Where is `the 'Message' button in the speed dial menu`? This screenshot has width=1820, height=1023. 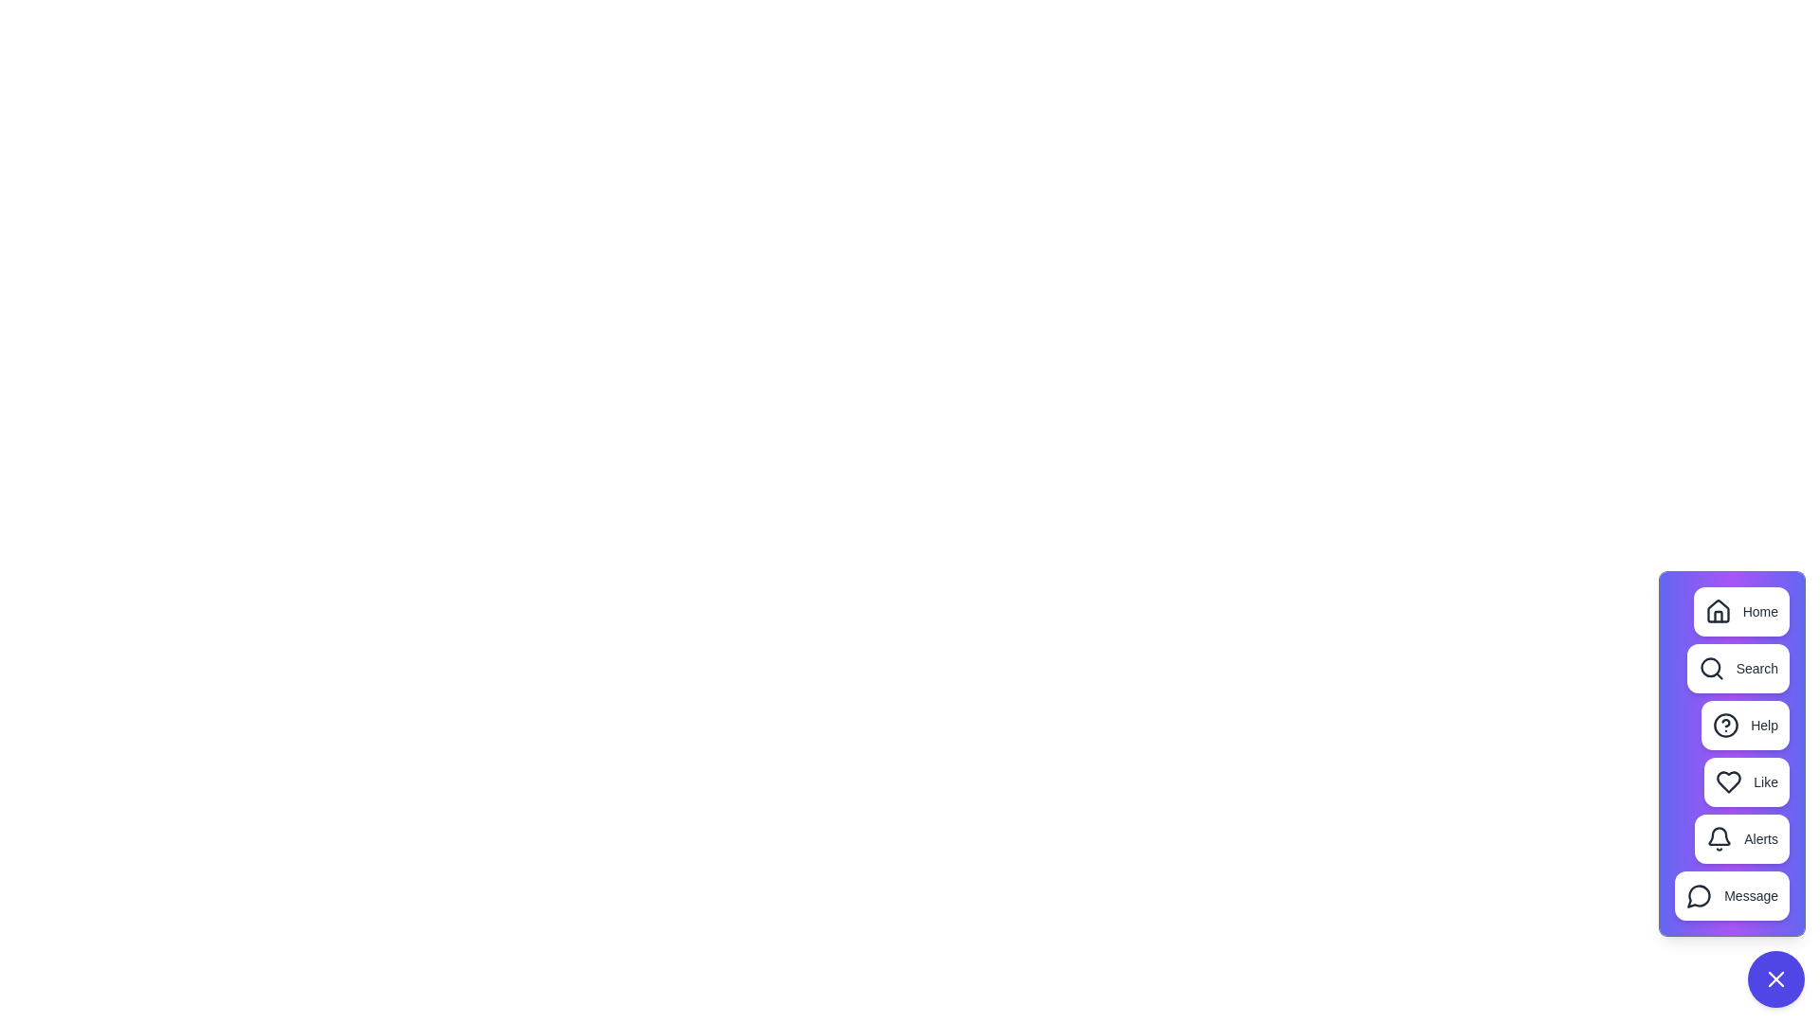 the 'Message' button in the speed dial menu is located at coordinates (1732, 895).